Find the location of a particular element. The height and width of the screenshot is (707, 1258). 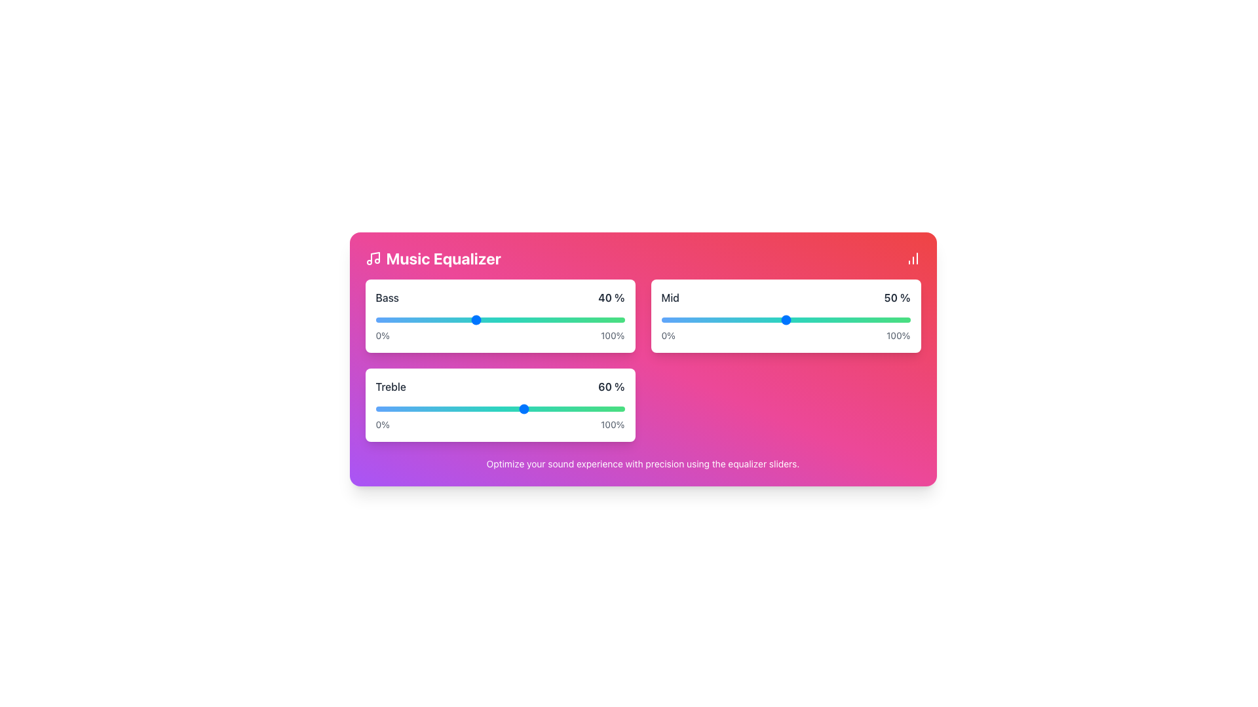

the mid-level equalizer is located at coordinates (733, 320).